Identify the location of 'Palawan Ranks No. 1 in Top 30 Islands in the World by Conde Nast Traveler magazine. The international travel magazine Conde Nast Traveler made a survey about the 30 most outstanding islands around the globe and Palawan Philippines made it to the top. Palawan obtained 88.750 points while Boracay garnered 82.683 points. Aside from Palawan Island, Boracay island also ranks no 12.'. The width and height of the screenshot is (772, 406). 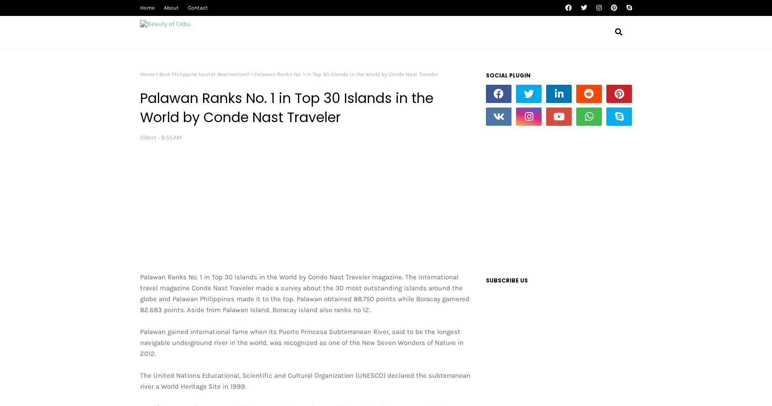
(139, 293).